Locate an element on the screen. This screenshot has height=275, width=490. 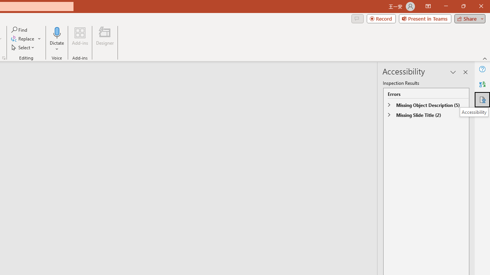
'Format Object...' is located at coordinates (4, 57).